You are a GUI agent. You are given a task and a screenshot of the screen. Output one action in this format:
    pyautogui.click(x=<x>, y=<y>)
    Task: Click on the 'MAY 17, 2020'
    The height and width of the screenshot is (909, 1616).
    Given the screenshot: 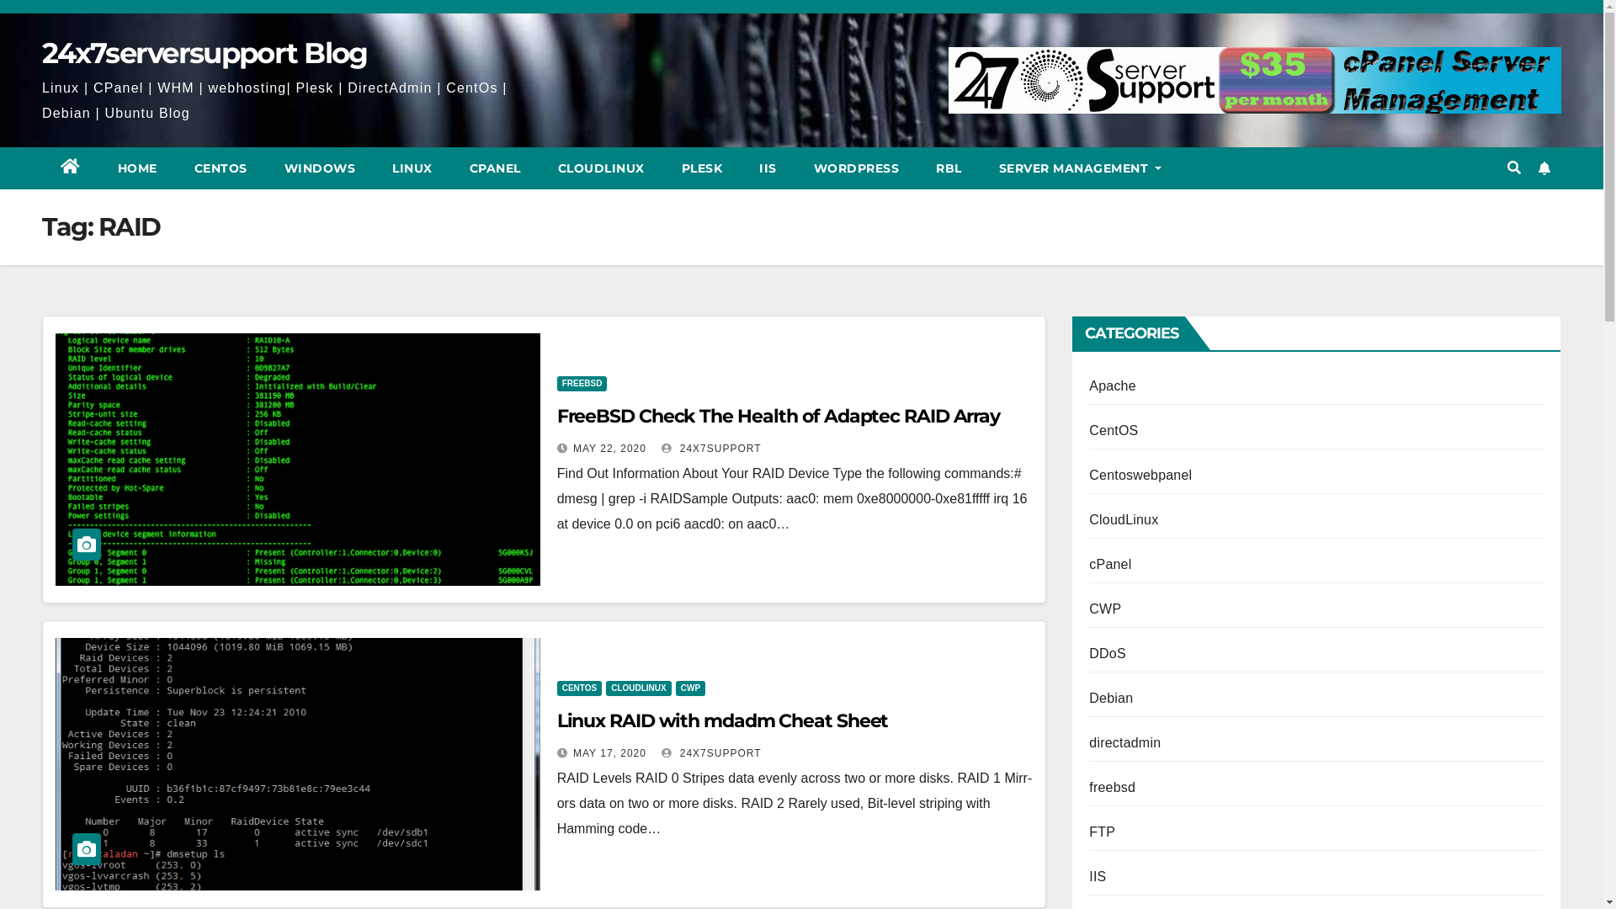 What is the action you would take?
    pyautogui.click(x=609, y=752)
    